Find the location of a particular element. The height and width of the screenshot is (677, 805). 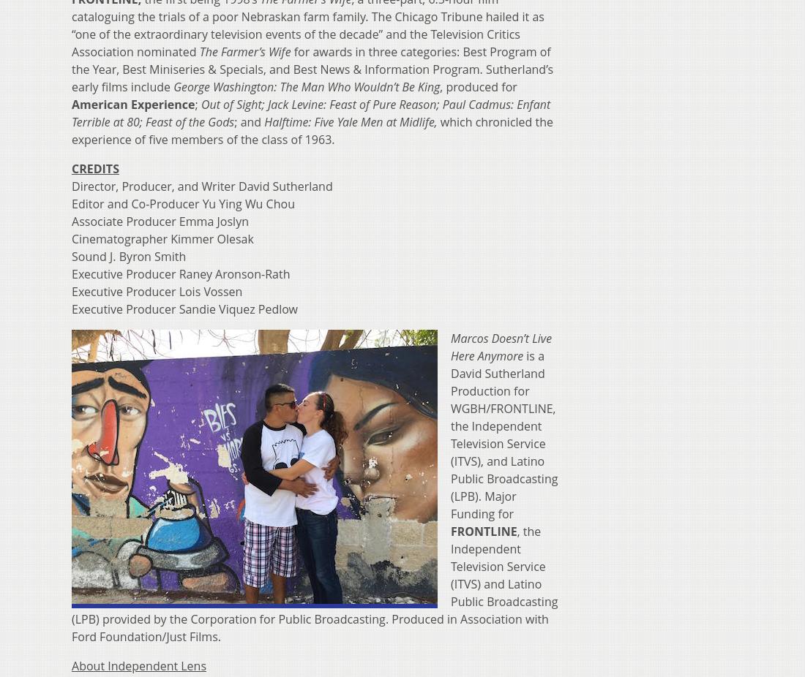

'; and' is located at coordinates (248, 121).